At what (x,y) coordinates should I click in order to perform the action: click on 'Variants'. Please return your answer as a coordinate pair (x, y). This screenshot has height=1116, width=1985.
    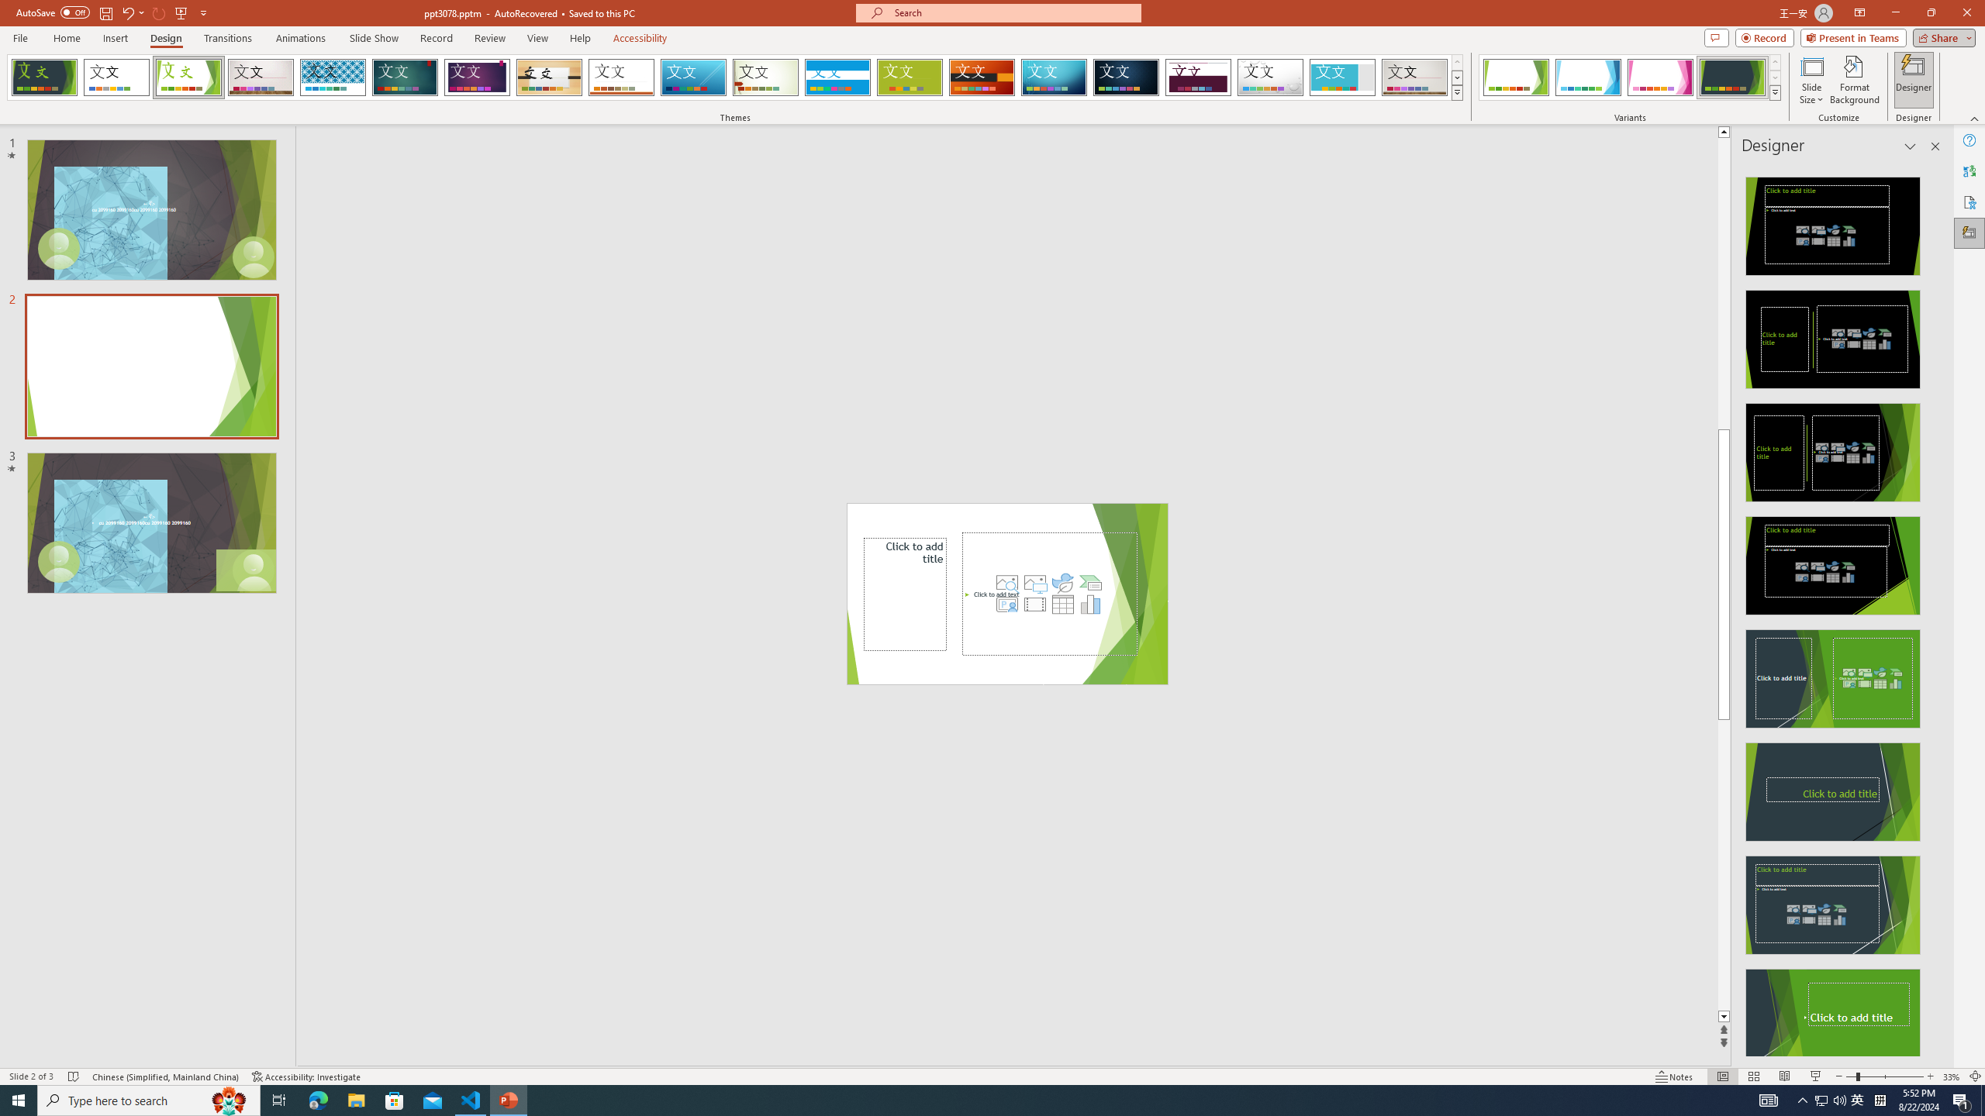
    Looking at the image, I should click on (1773, 91).